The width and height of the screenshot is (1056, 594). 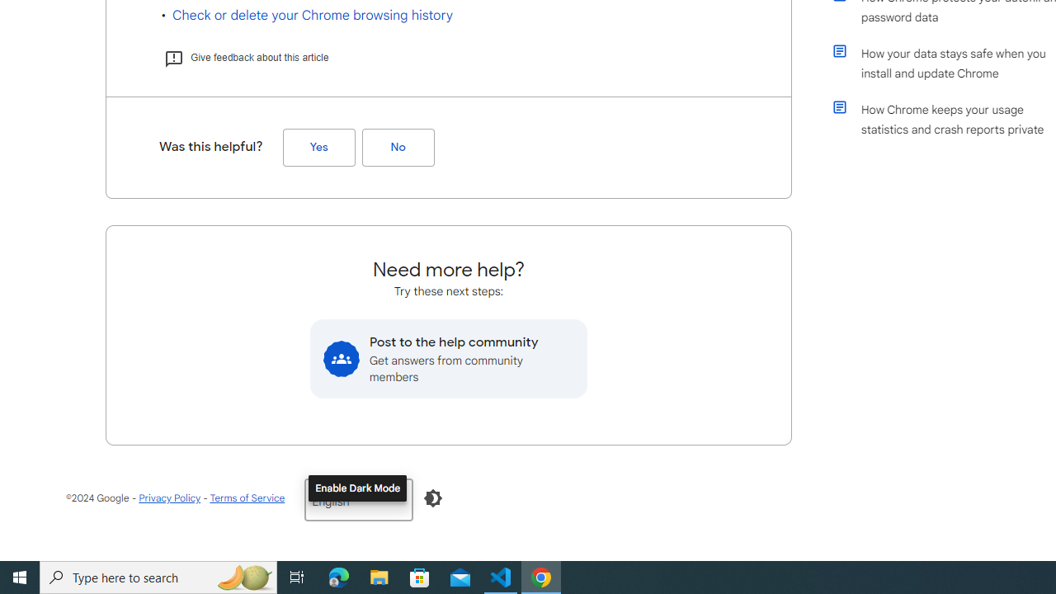 I want to click on 'Terms of Service', so click(x=246, y=497).